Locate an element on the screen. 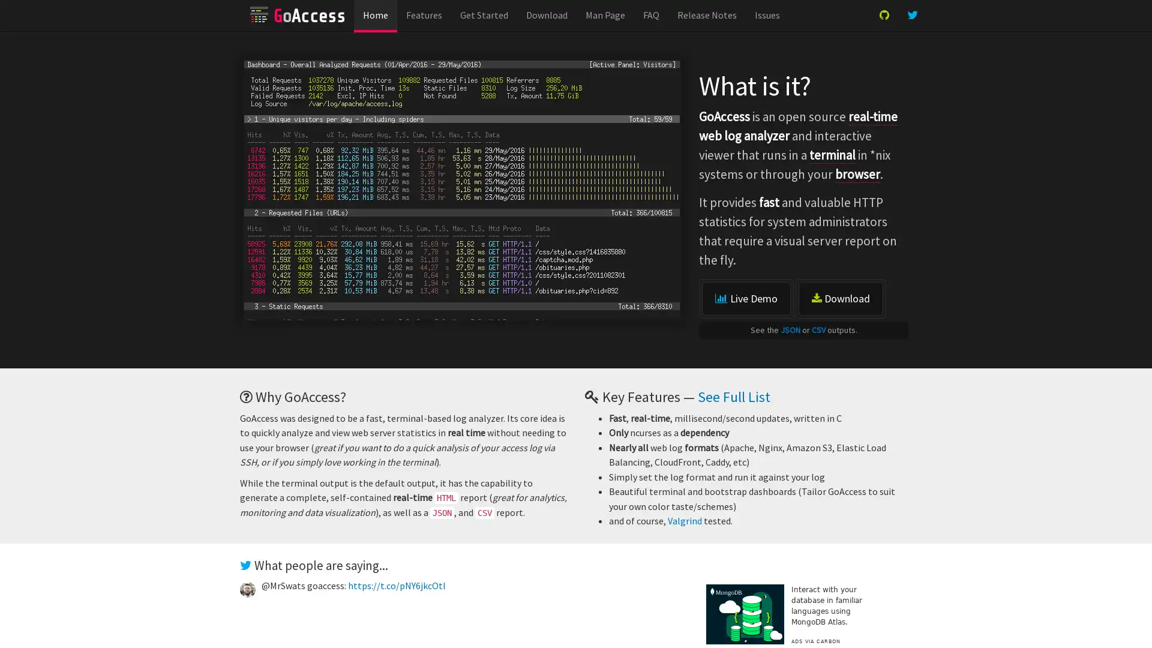 The height and width of the screenshot is (648, 1152). Live Demo is located at coordinates (745, 298).